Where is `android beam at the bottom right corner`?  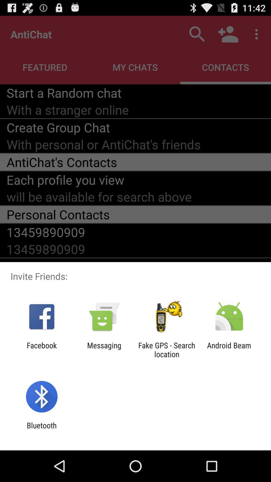
android beam at the bottom right corner is located at coordinates (229, 349).